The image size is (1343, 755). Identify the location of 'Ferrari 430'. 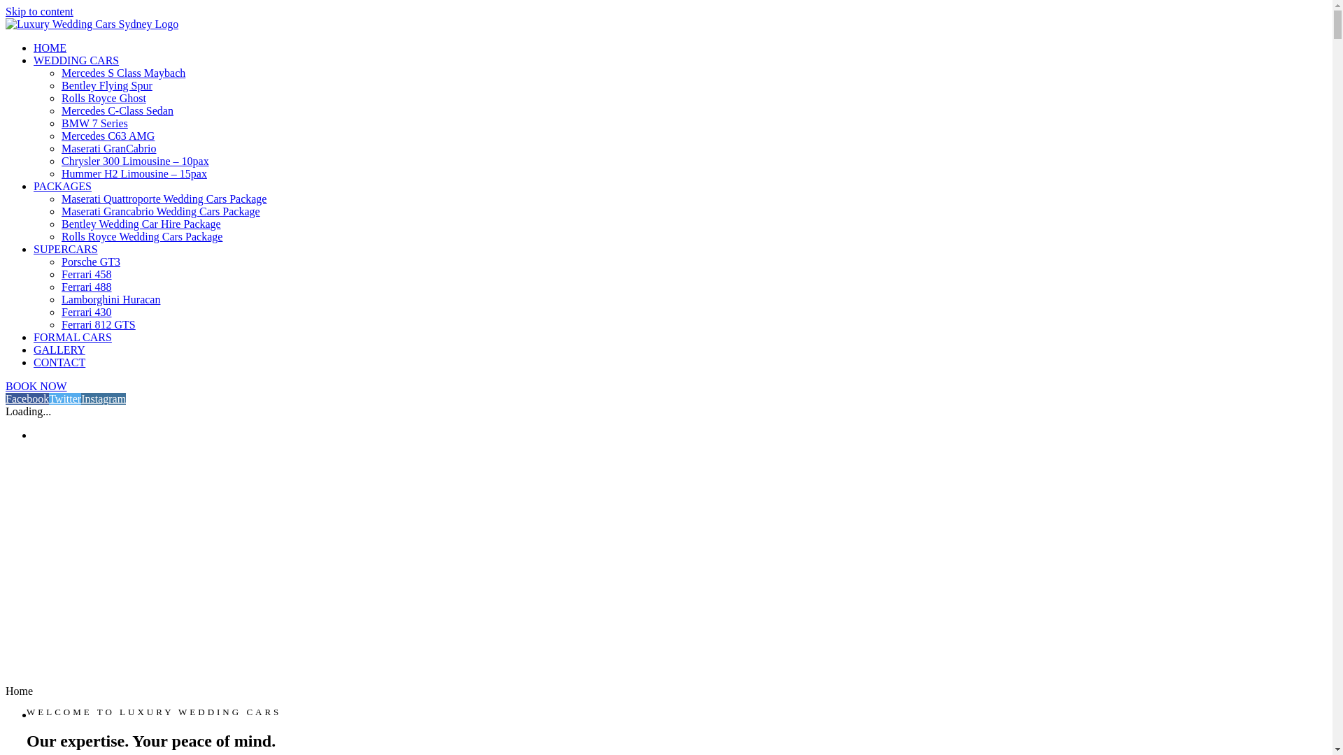
(86, 311).